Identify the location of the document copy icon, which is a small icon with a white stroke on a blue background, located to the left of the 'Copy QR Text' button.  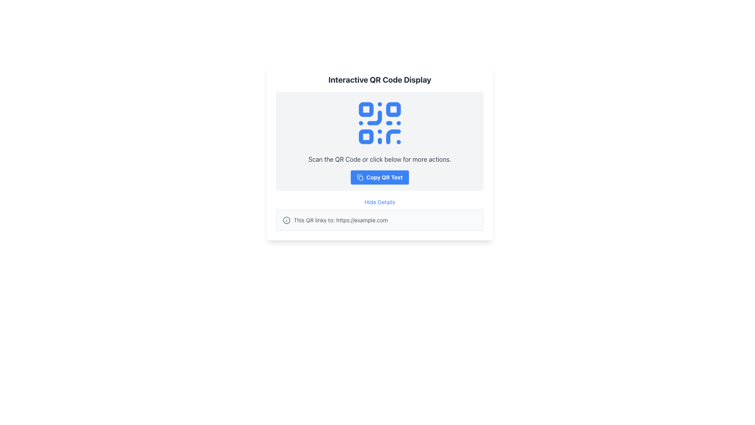
(359, 177).